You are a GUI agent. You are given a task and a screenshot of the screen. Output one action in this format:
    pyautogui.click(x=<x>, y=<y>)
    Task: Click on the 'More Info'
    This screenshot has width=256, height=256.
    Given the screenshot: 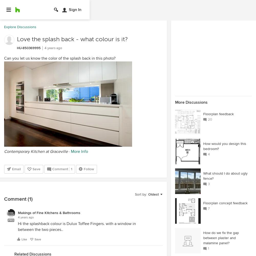 What is the action you would take?
    pyautogui.click(x=79, y=151)
    